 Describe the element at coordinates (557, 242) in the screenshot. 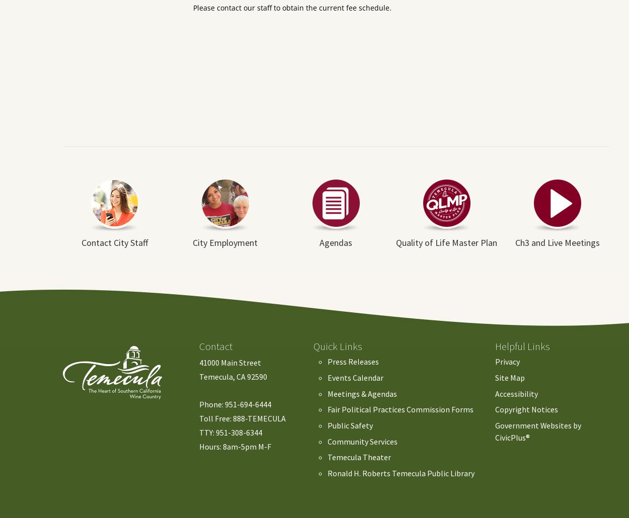

I see `'Ch3 and Live Meetings'` at that location.